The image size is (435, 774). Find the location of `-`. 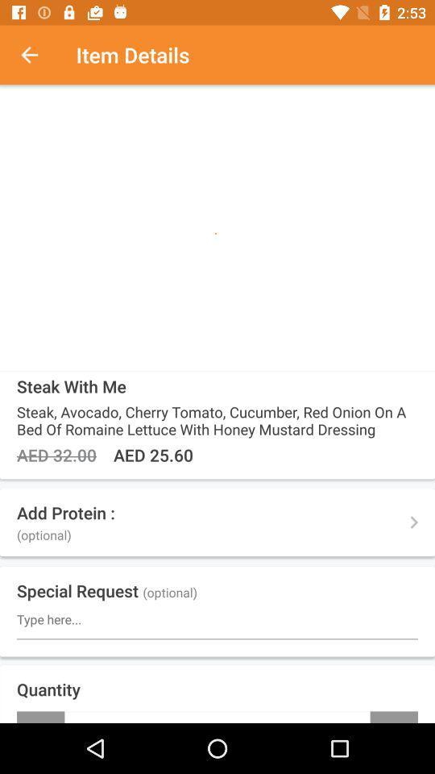

- is located at coordinates (40, 716).